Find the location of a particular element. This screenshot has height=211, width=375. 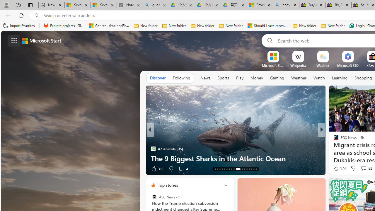

'Start the conversation' is located at coordinates (355, 169).